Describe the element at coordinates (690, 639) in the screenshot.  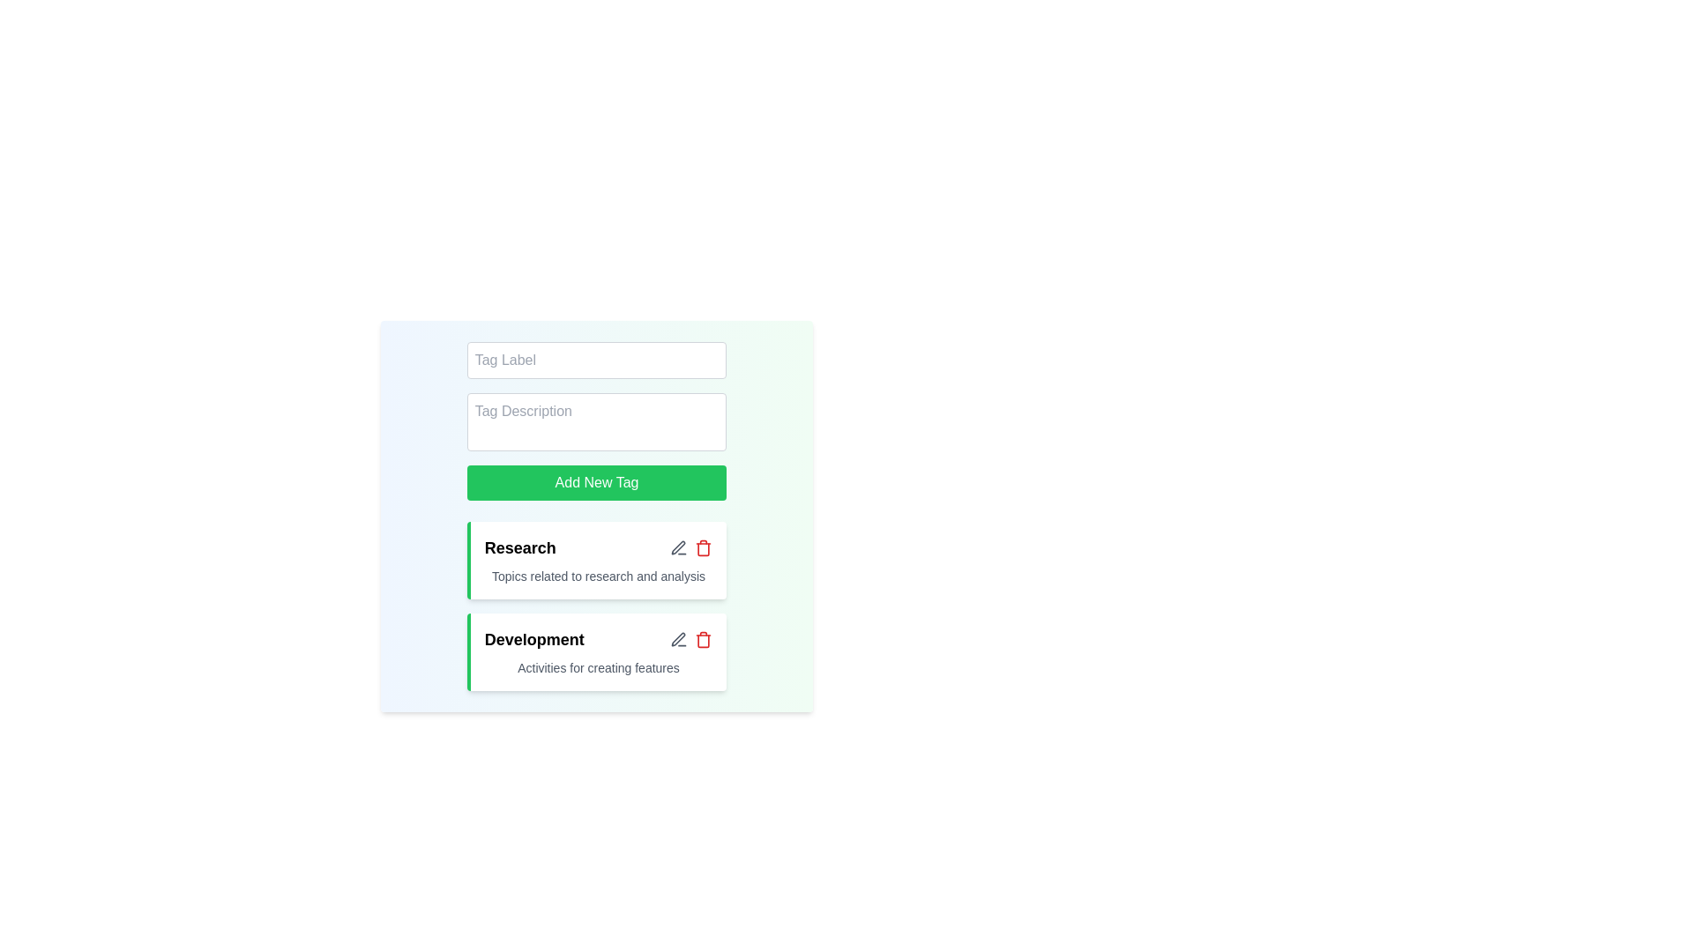
I see `the trashcan icon in the horizontal button group within the 'Development' card` at that location.